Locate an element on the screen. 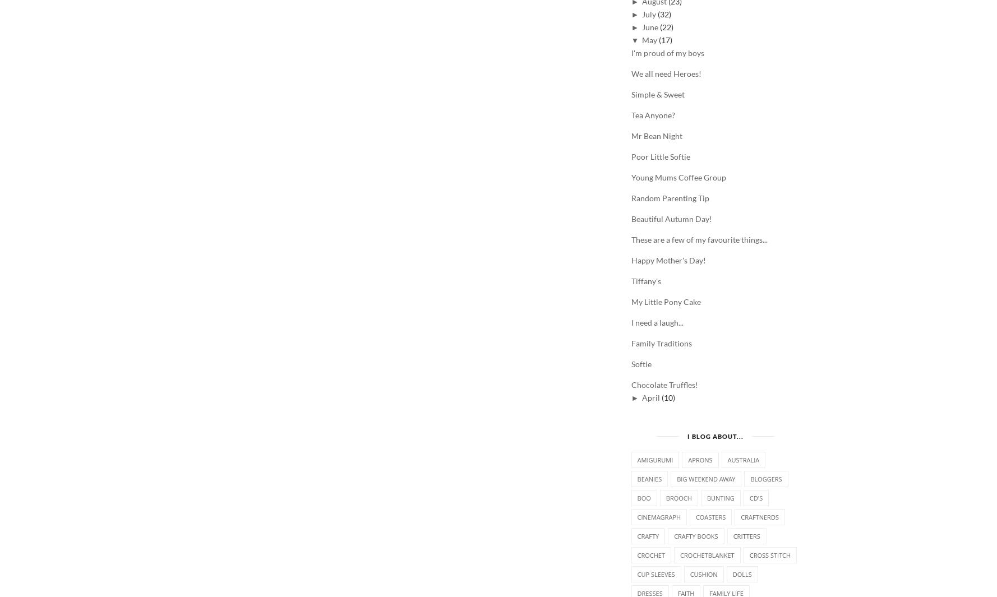 This screenshot has height=597, width=997. 'crochet' is located at coordinates (651, 555).